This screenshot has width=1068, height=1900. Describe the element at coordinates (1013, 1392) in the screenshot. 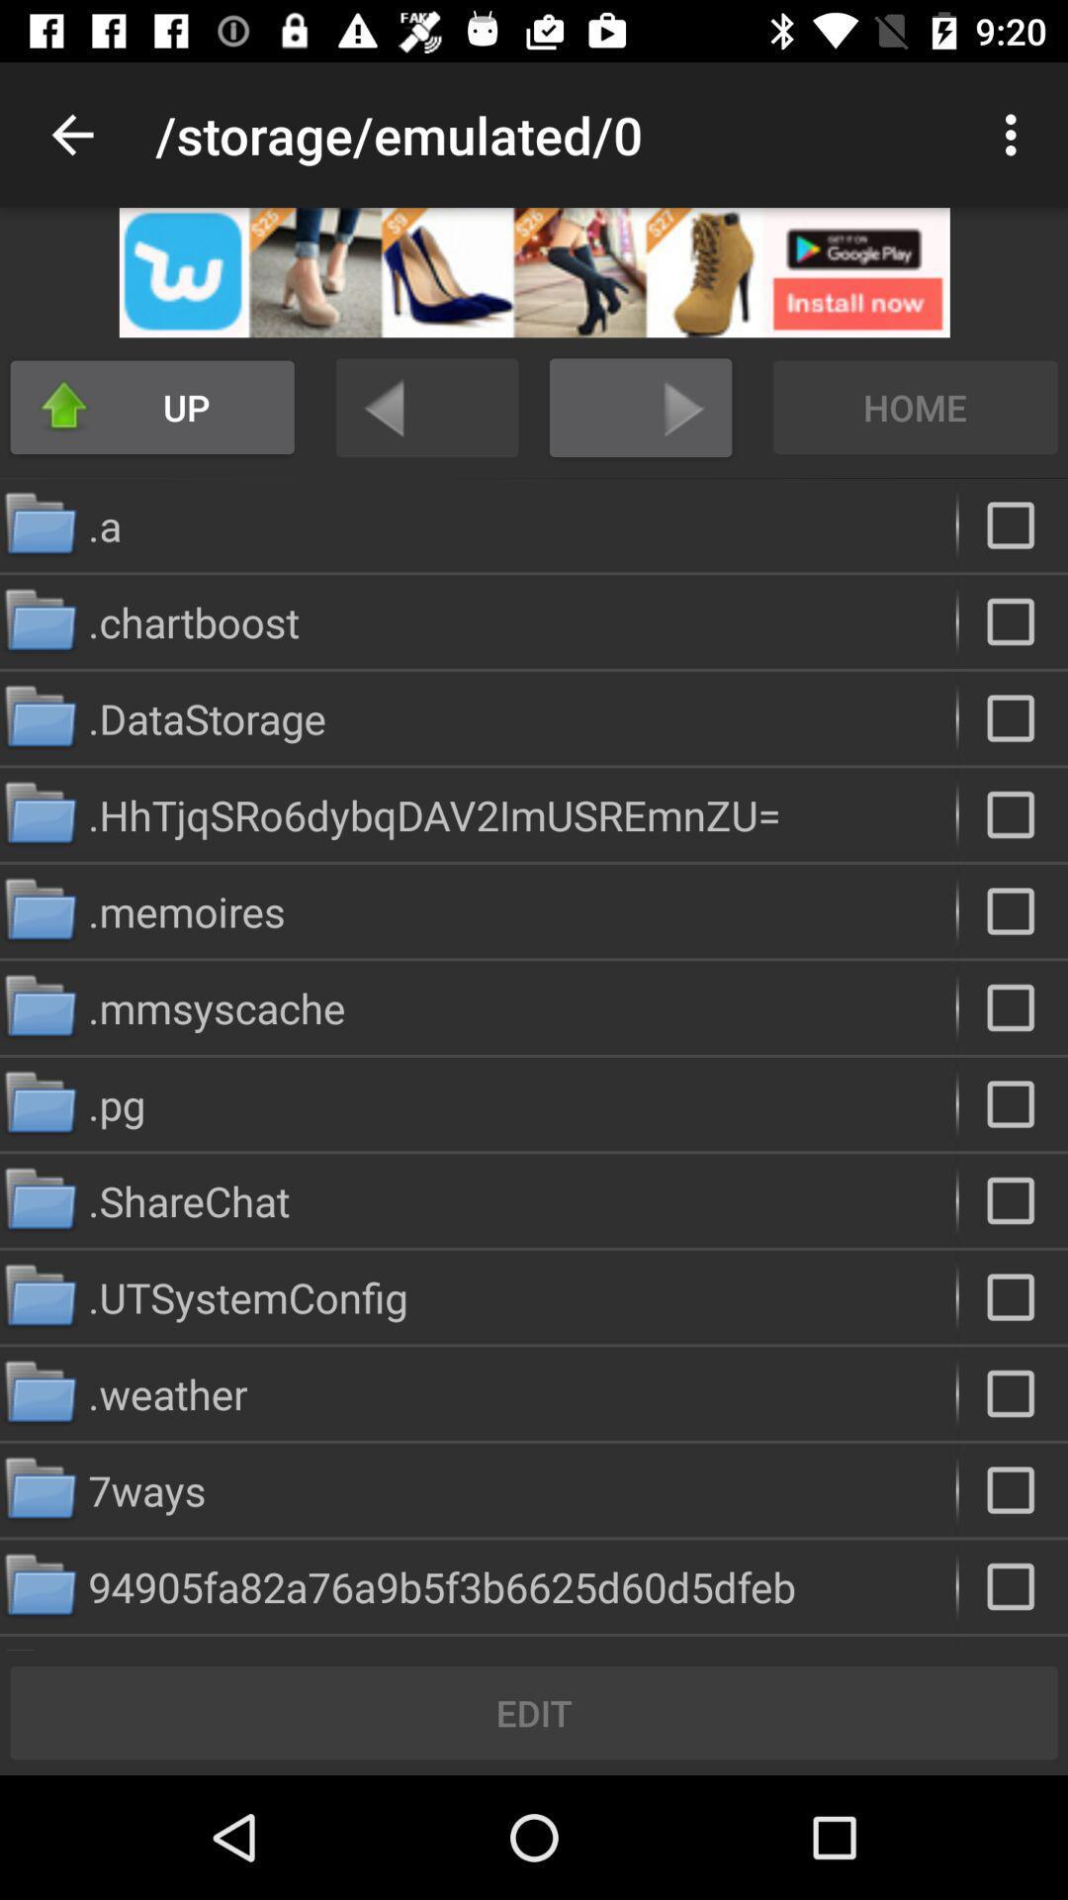

I see `folder` at that location.